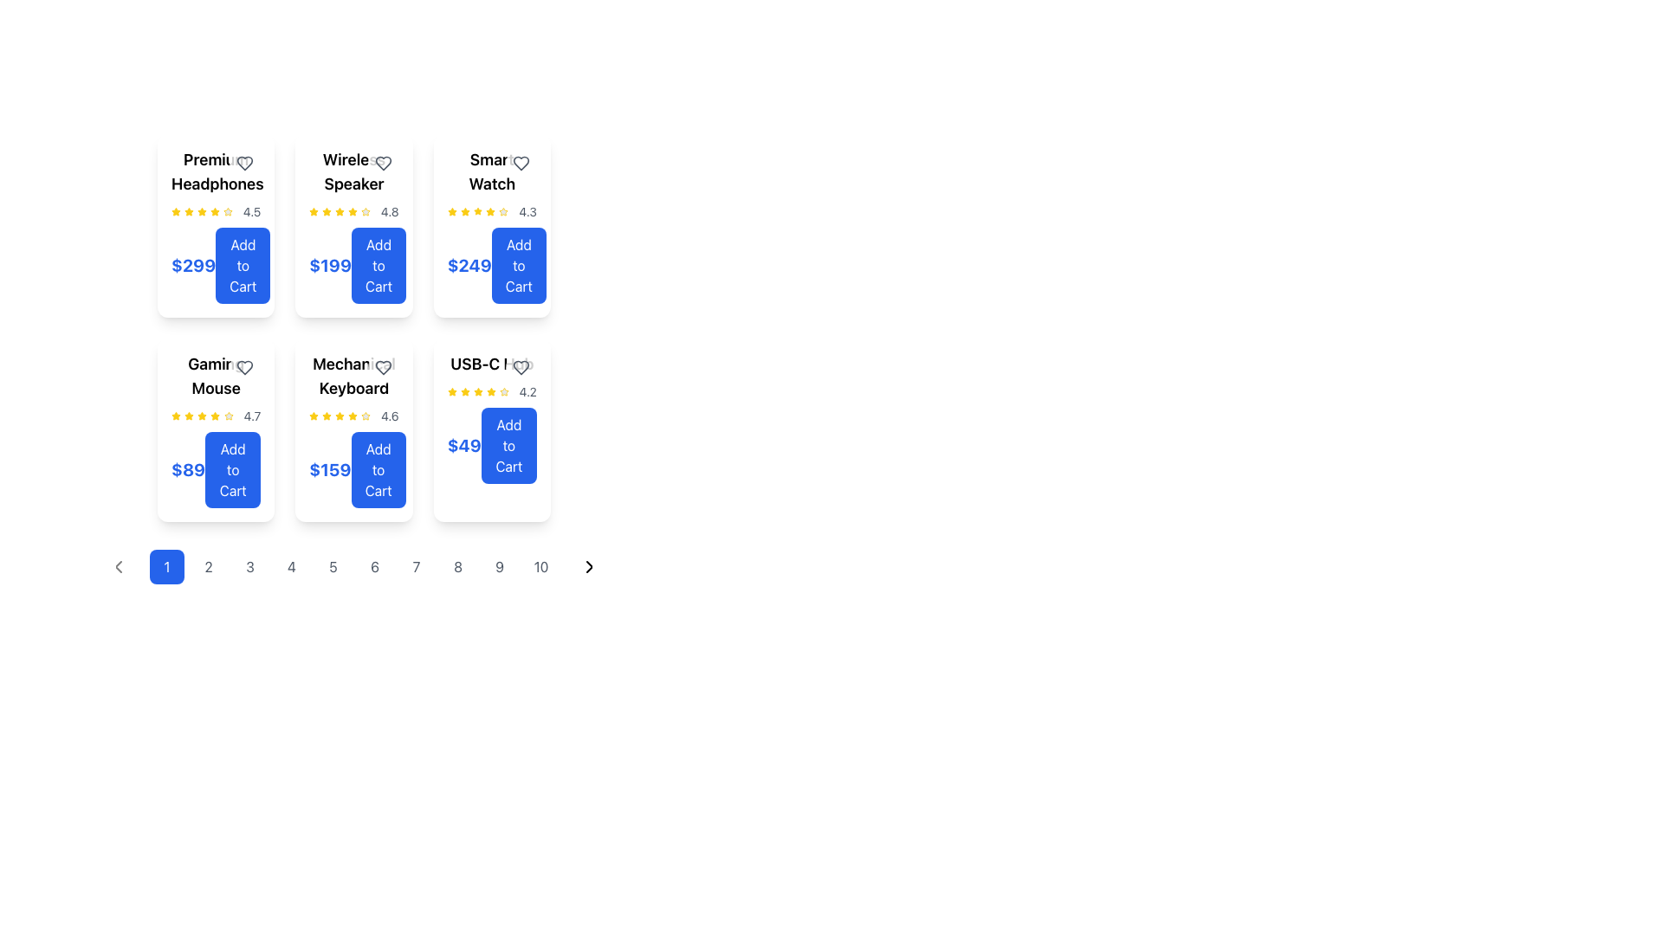  What do you see at coordinates (498, 567) in the screenshot?
I see `the ninth button in the sequence of ten buttons` at bounding box center [498, 567].